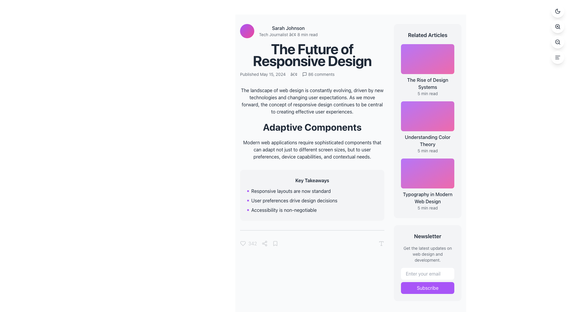 The image size is (569, 320). What do you see at coordinates (275, 243) in the screenshot?
I see `the save/bookmark icon located in the footer of the article` at bounding box center [275, 243].